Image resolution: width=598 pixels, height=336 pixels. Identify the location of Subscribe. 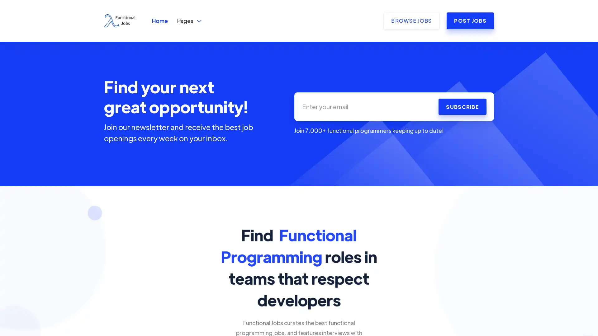
(462, 106).